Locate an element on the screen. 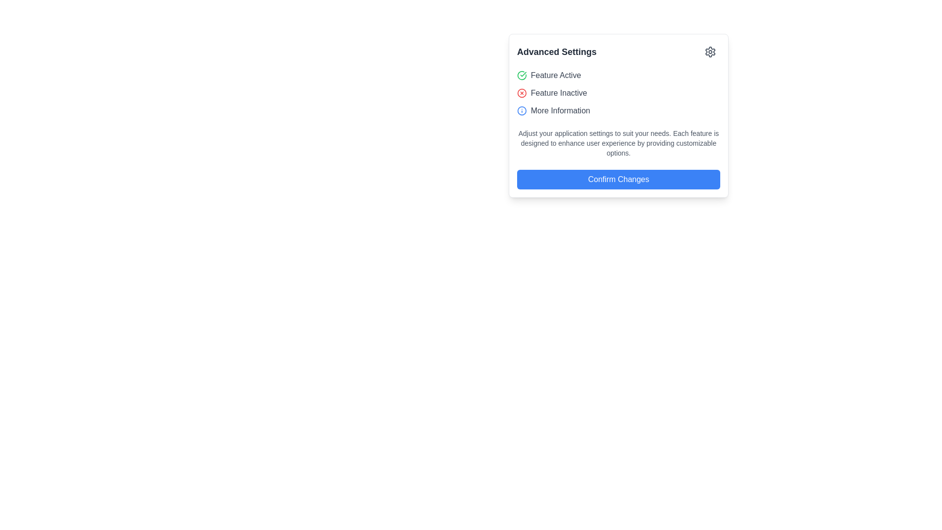  the descriptive text element providing details about customizable settings and features, located in the 'Advanced Settings' card, positioned between the features list and the 'Confirm Changes' button is located at coordinates (618, 143).